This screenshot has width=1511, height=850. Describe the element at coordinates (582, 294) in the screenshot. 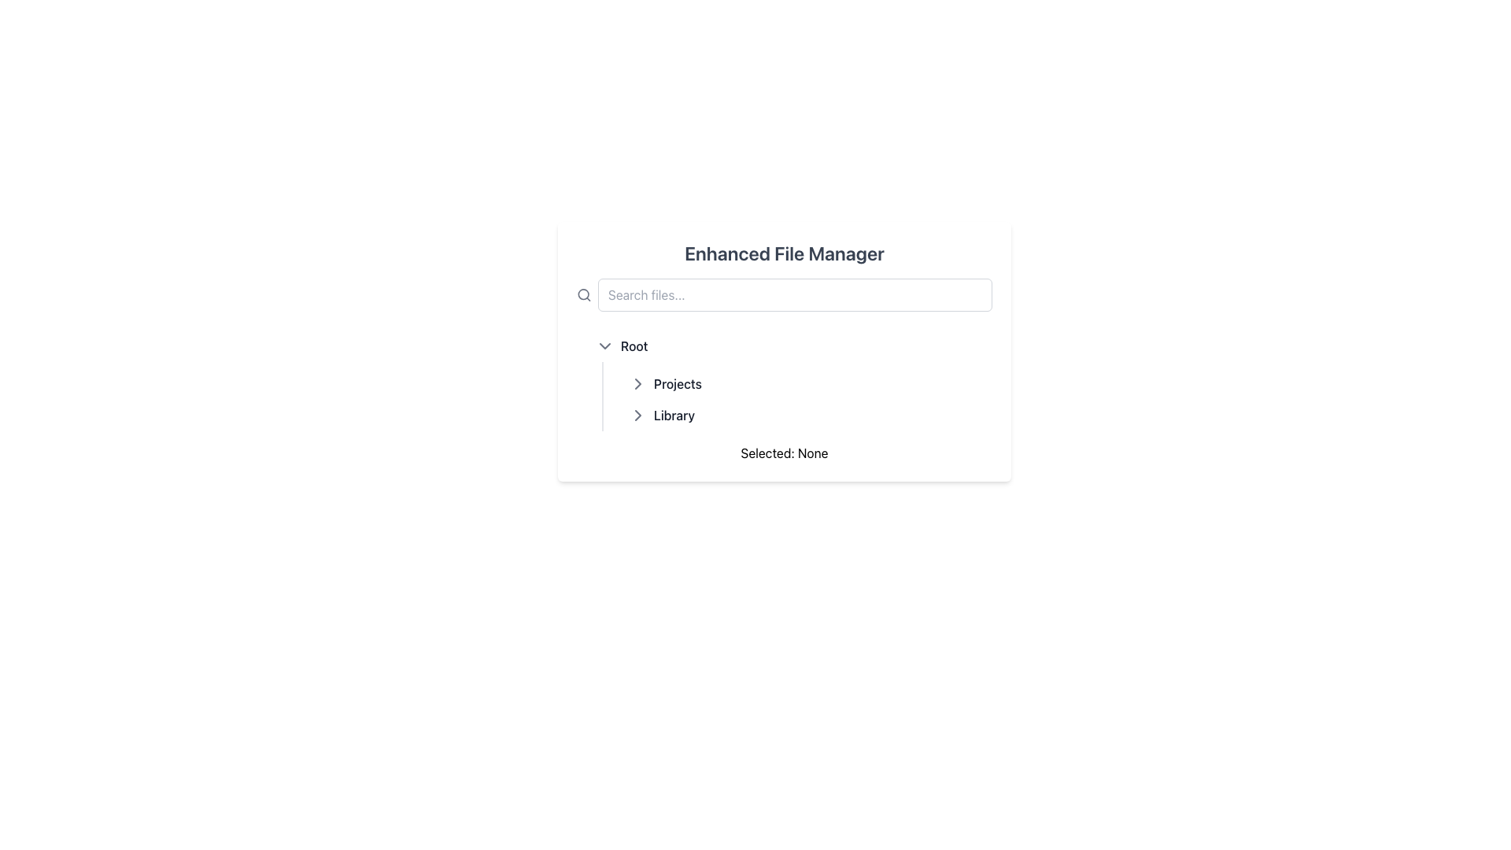

I see `the circular part of the search icon, which is a magnifying glass component located to the left of the search input field` at that location.